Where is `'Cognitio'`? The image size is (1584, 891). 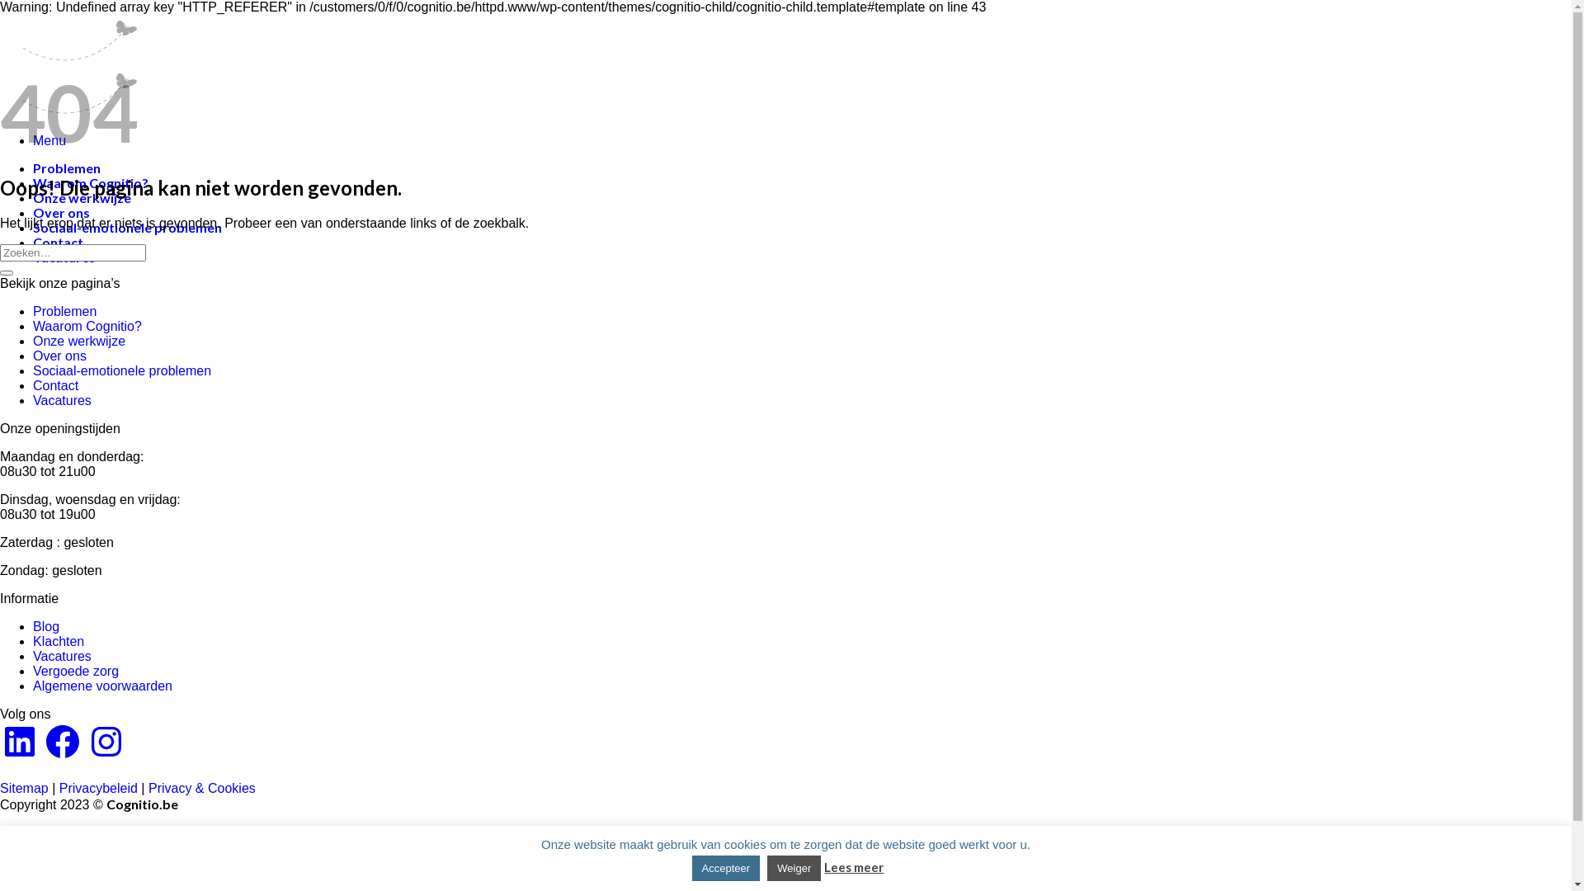 'Cognitio' is located at coordinates (68, 86).